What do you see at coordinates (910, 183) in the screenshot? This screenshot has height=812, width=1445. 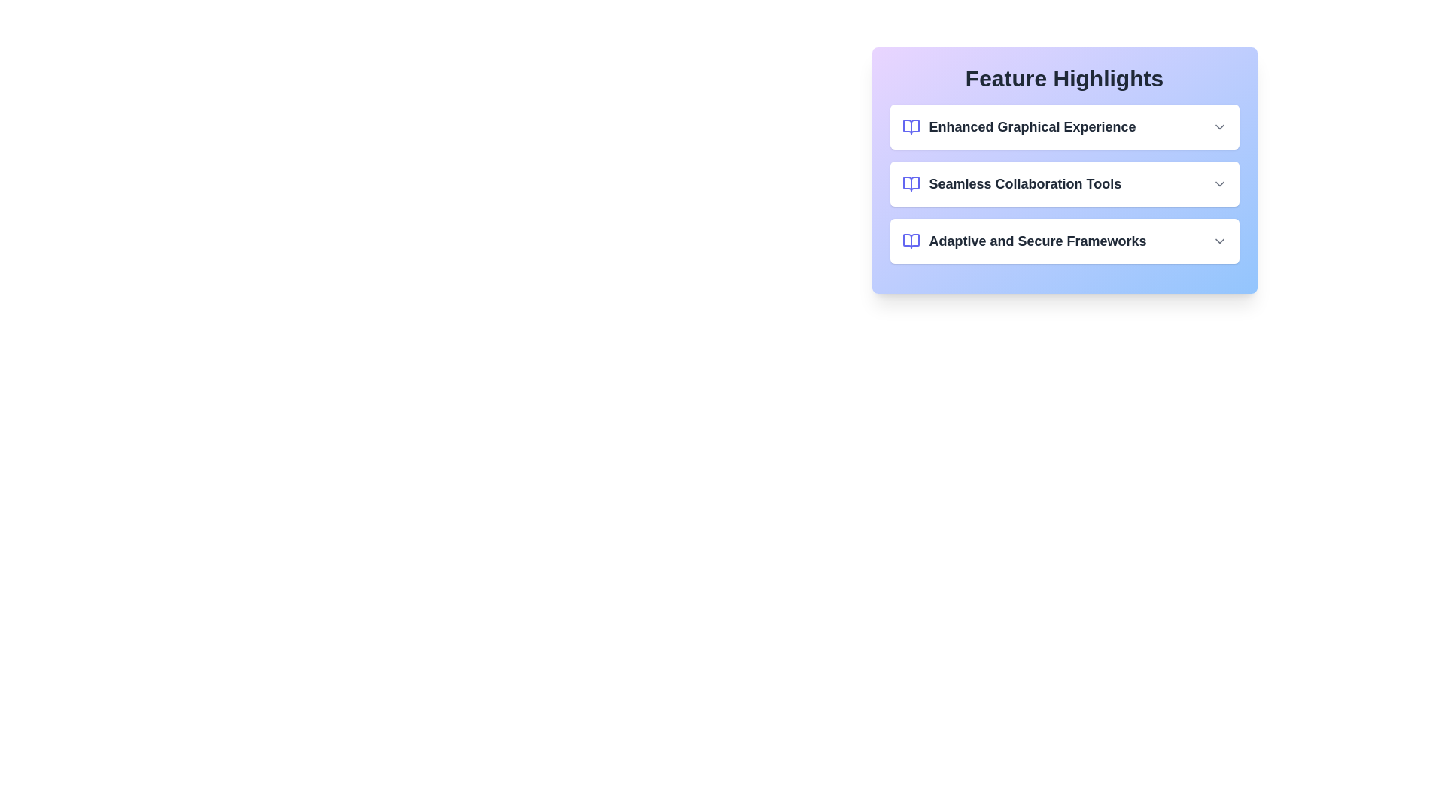 I see `the open book icon representing 'Seamless Collaboration Tools' in the sidebar for information` at bounding box center [910, 183].